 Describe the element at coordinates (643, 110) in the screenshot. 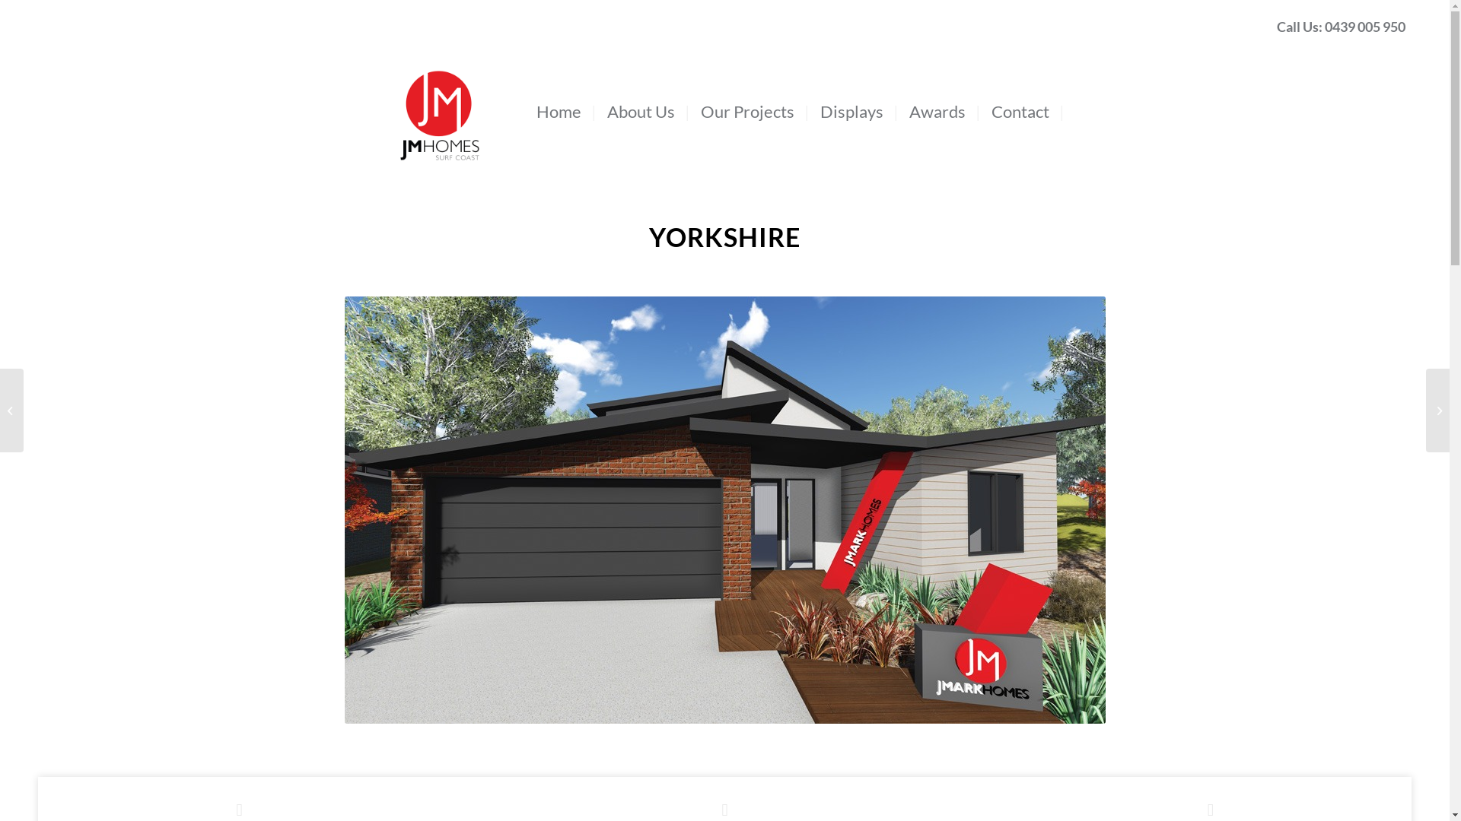

I see `'About Us'` at that location.